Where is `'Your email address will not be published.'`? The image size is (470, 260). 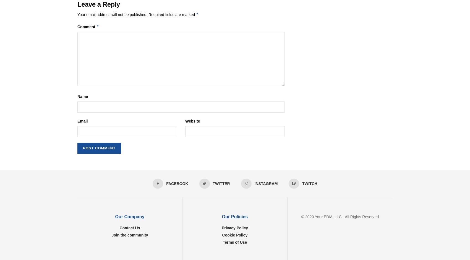
'Your email address will not be published.' is located at coordinates (77, 14).